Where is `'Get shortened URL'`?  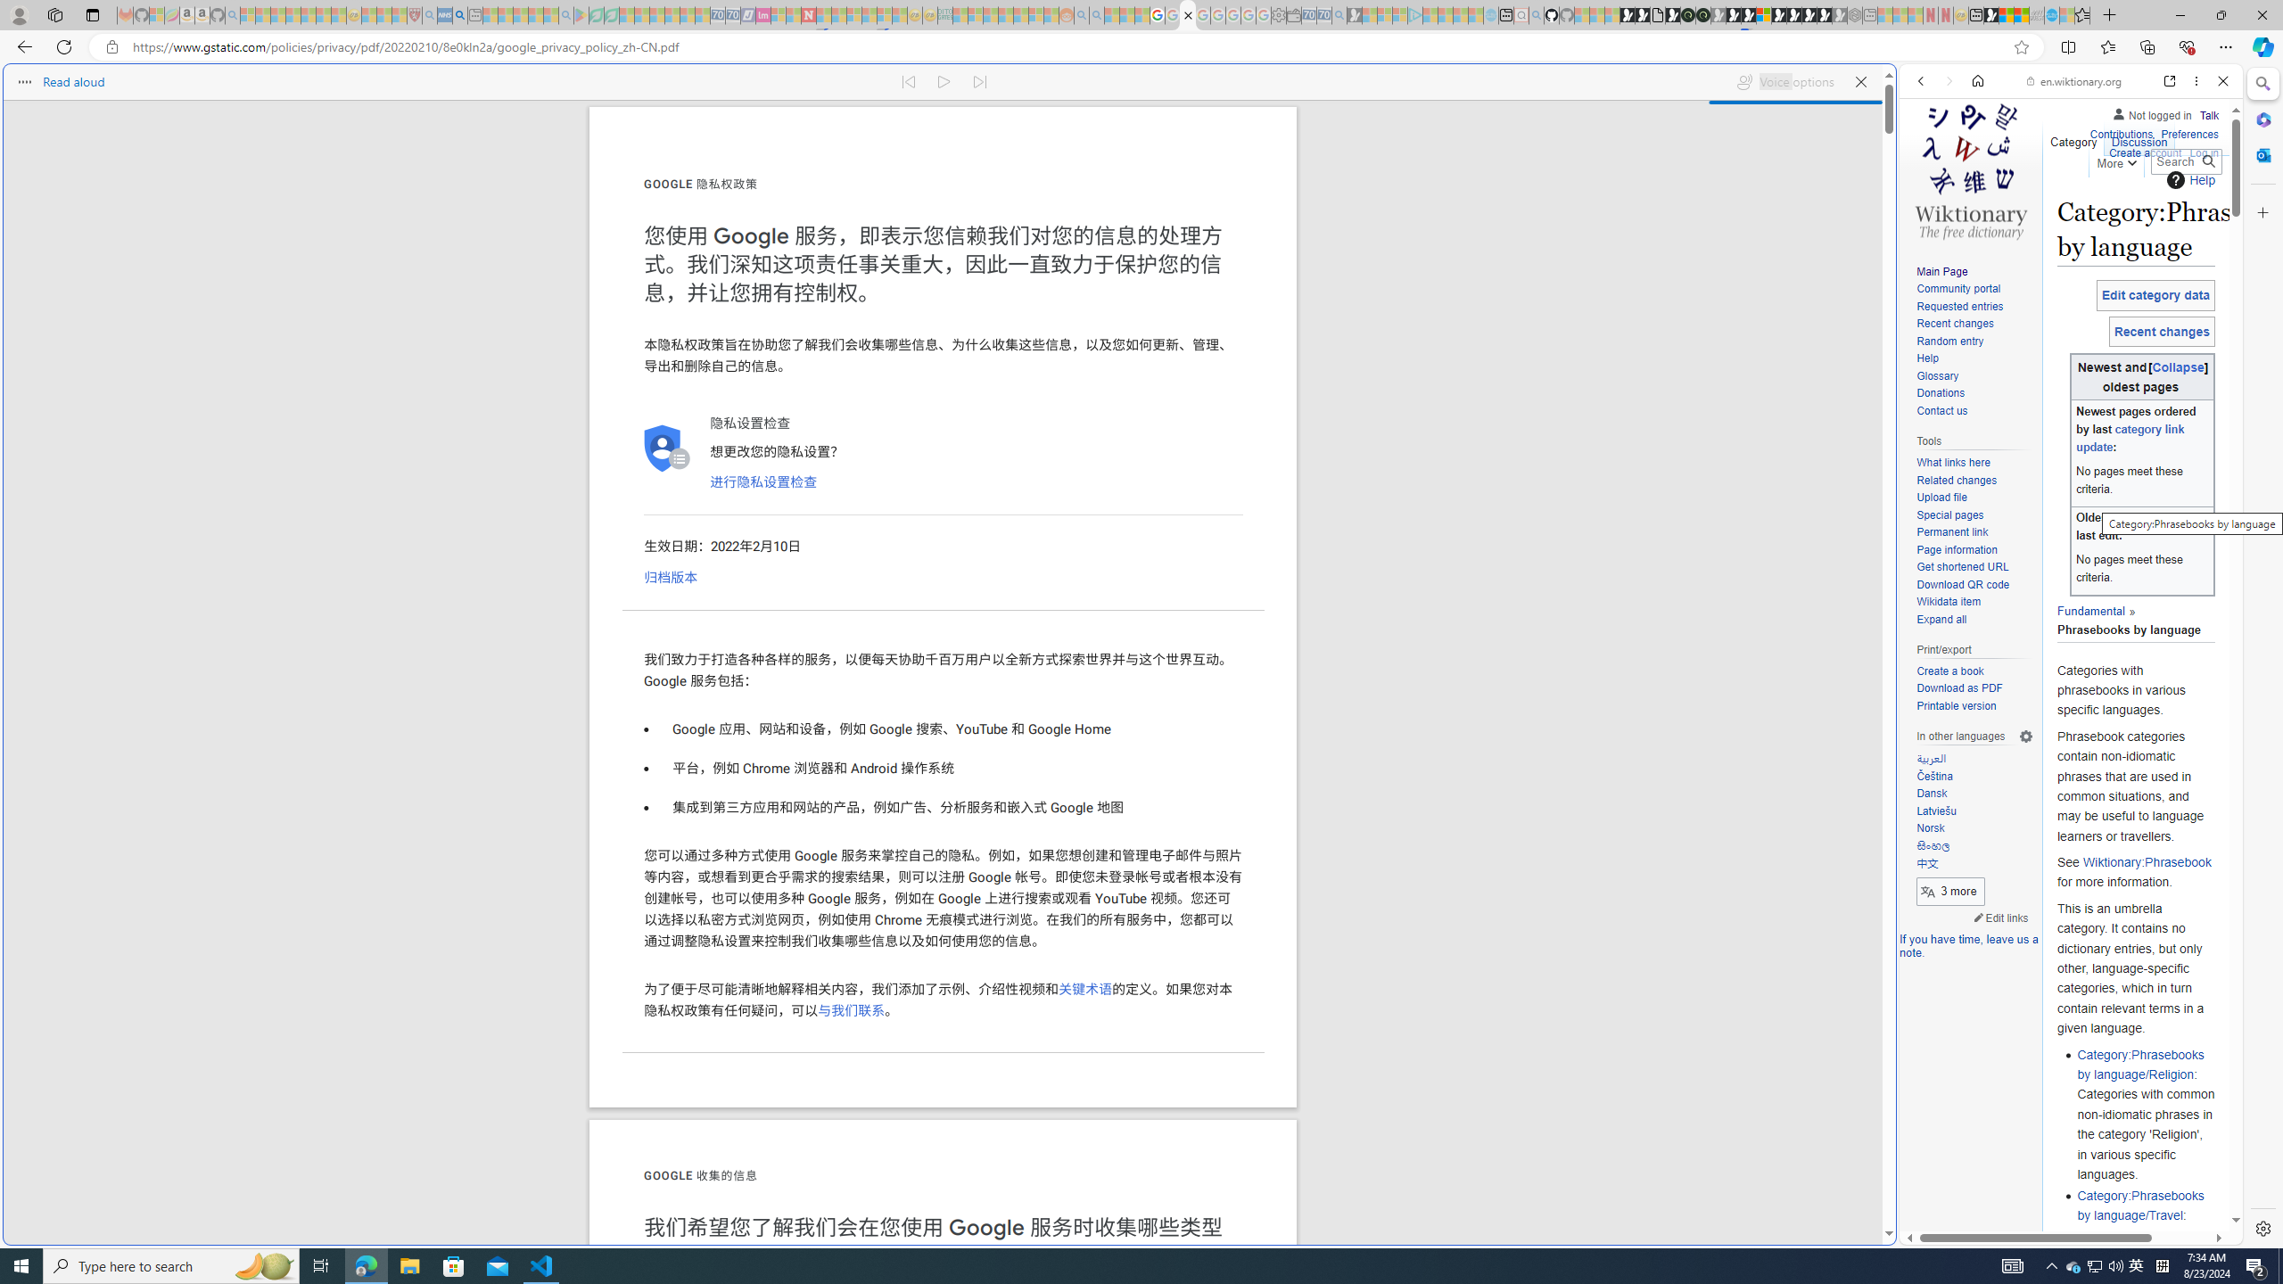
'Get shortened URL' is located at coordinates (1974, 566).